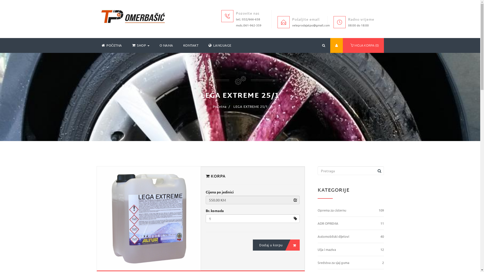 The image size is (484, 272). I want to click on 'Automobilski dijelovi, so click(350, 236).